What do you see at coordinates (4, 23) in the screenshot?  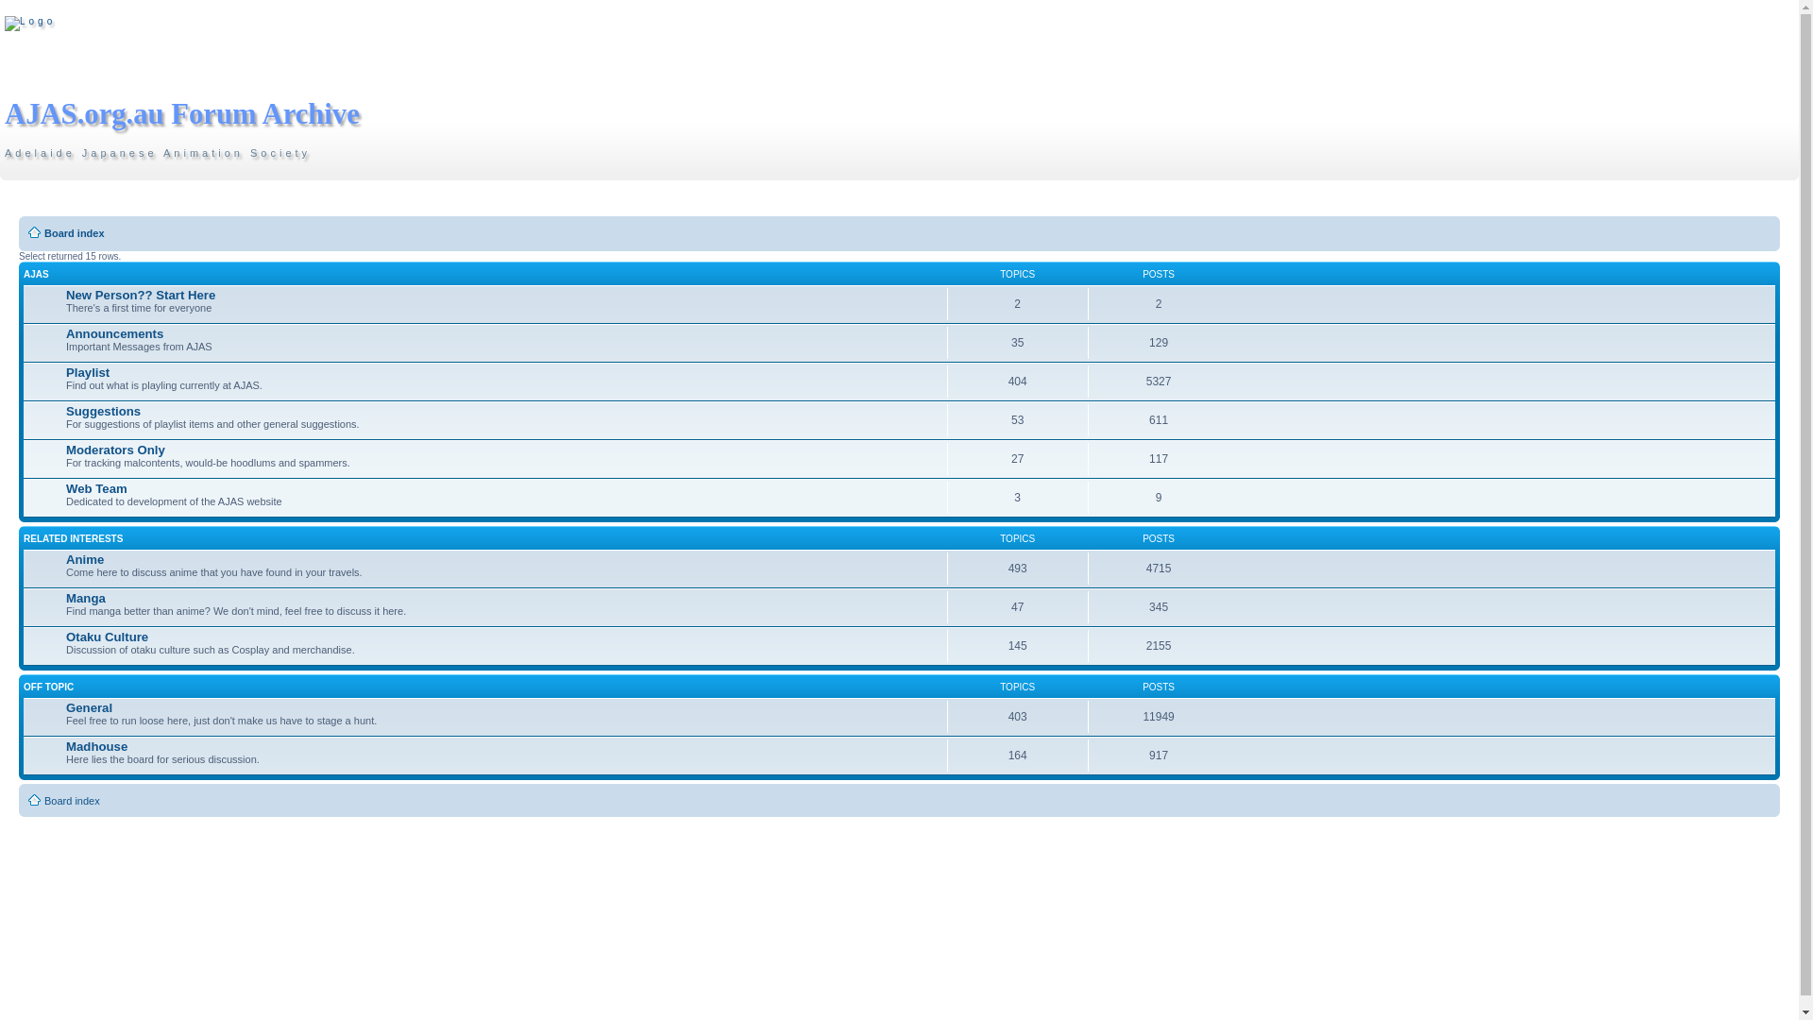 I see `'Board index'` at bounding box center [4, 23].